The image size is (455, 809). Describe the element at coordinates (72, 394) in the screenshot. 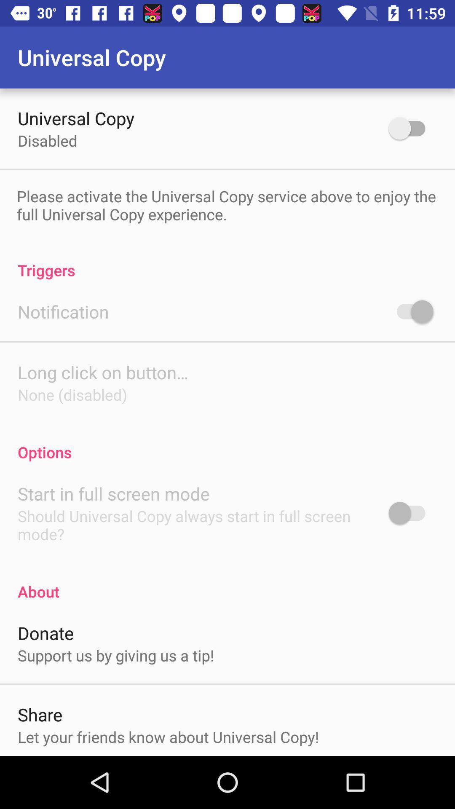

I see `the none (disabled) item` at that location.